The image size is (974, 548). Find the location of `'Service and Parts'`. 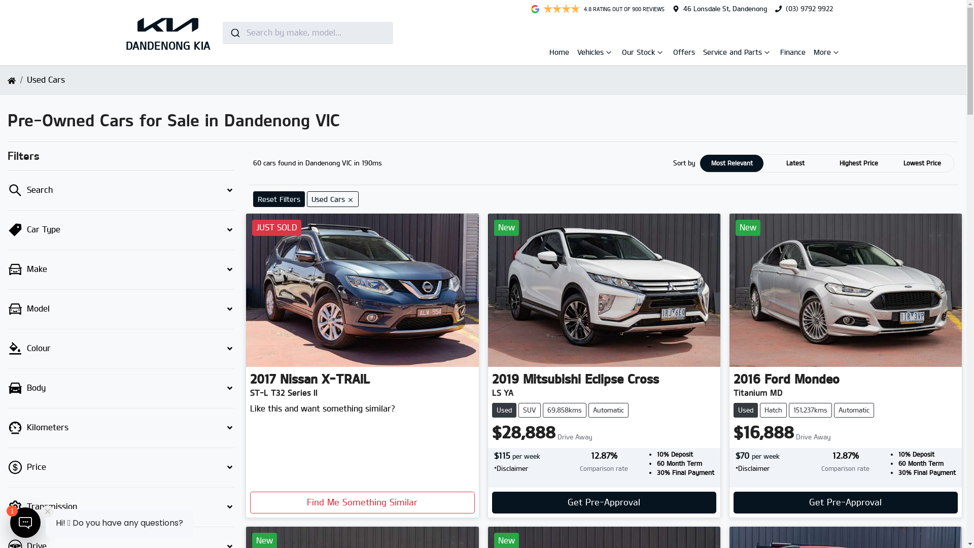

'Service and Parts' is located at coordinates (733, 54).